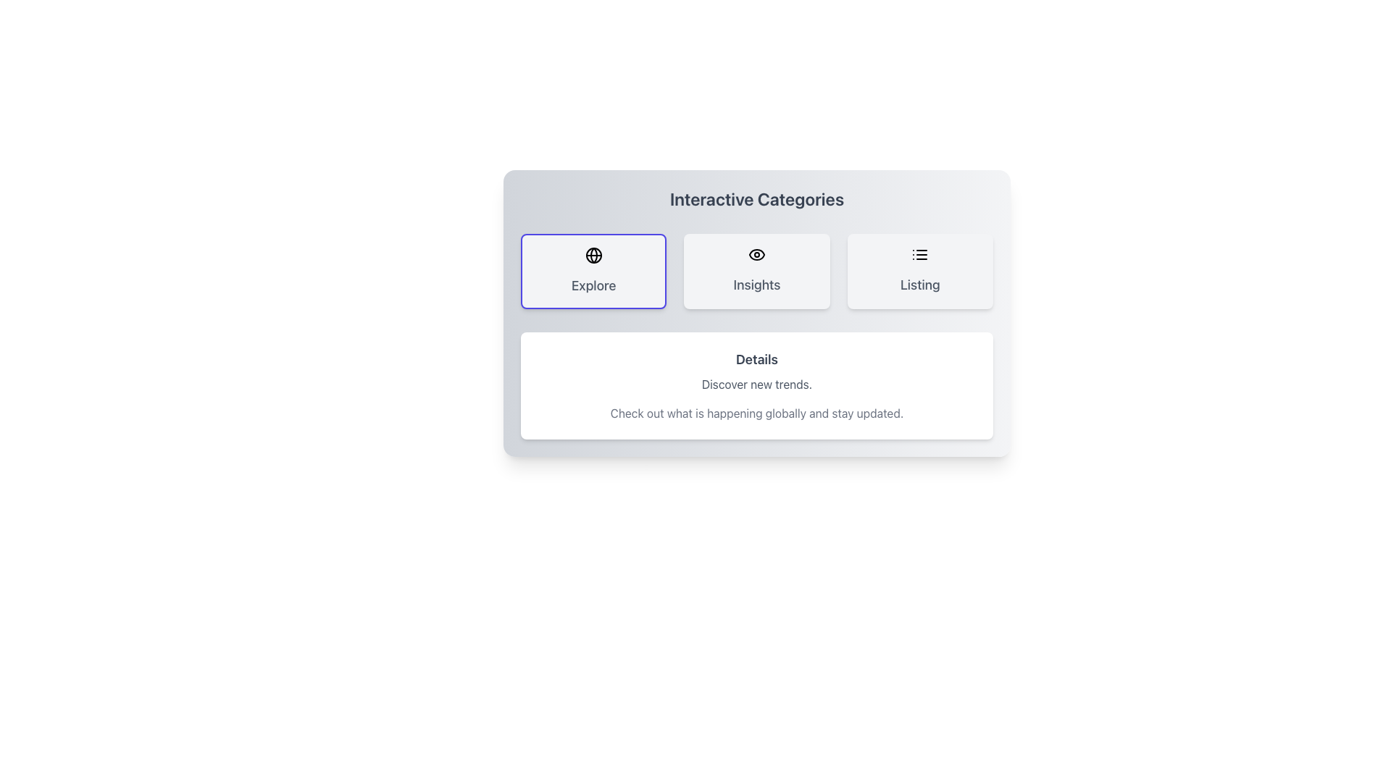 The width and height of the screenshot is (1391, 782). What do you see at coordinates (756, 413) in the screenshot?
I see `the informative Text element that encourages users to stay updated on global happenings, located below the 'Details' and 'Discover new trends' text lines` at bounding box center [756, 413].